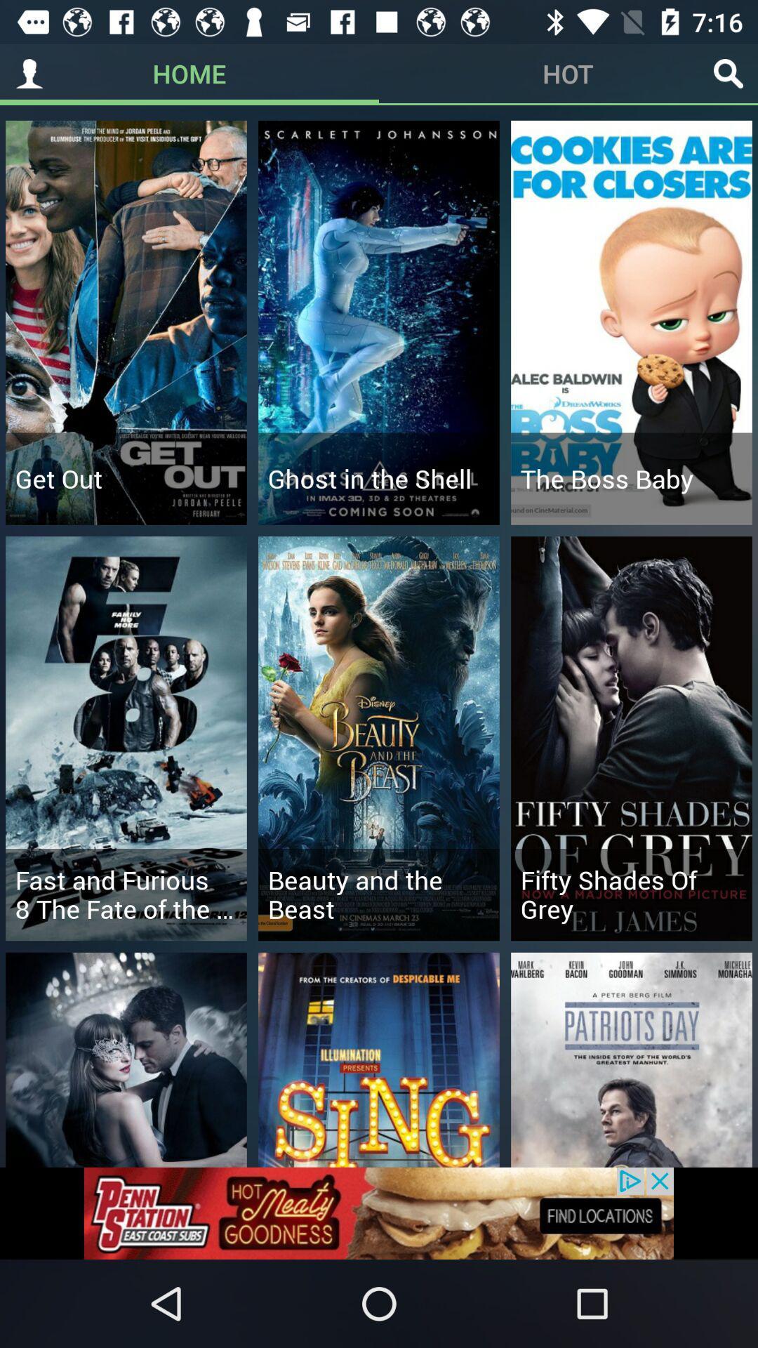  Describe the element at coordinates (126, 322) in the screenshot. I see `the first image below home` at that location.